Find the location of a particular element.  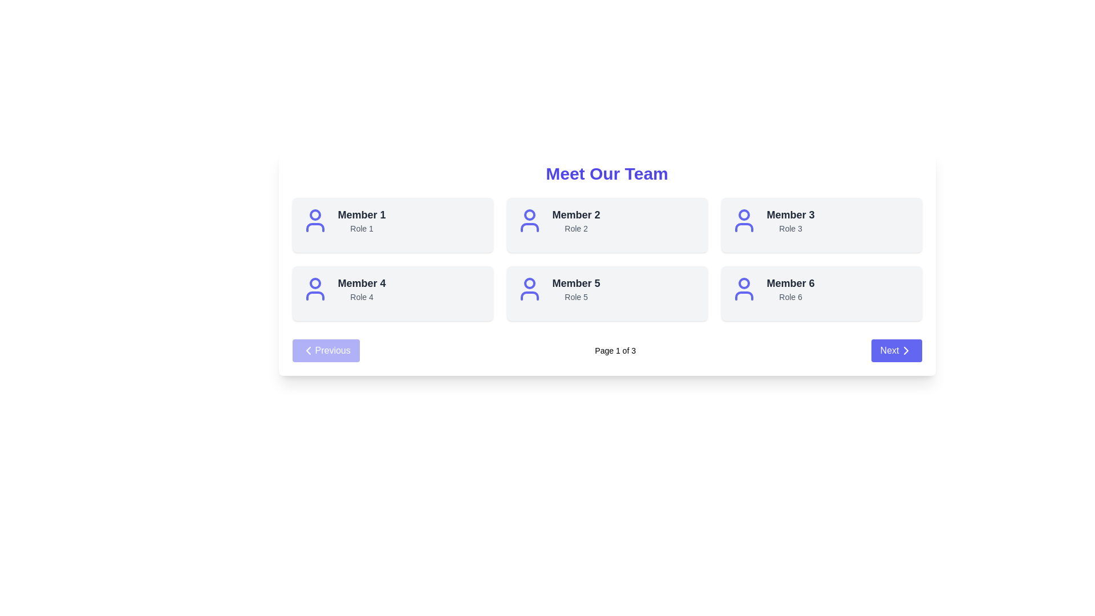

the Information card displaying team member details, located in the bottom row, first column of the grid layout is located at coordinates (606, 288).